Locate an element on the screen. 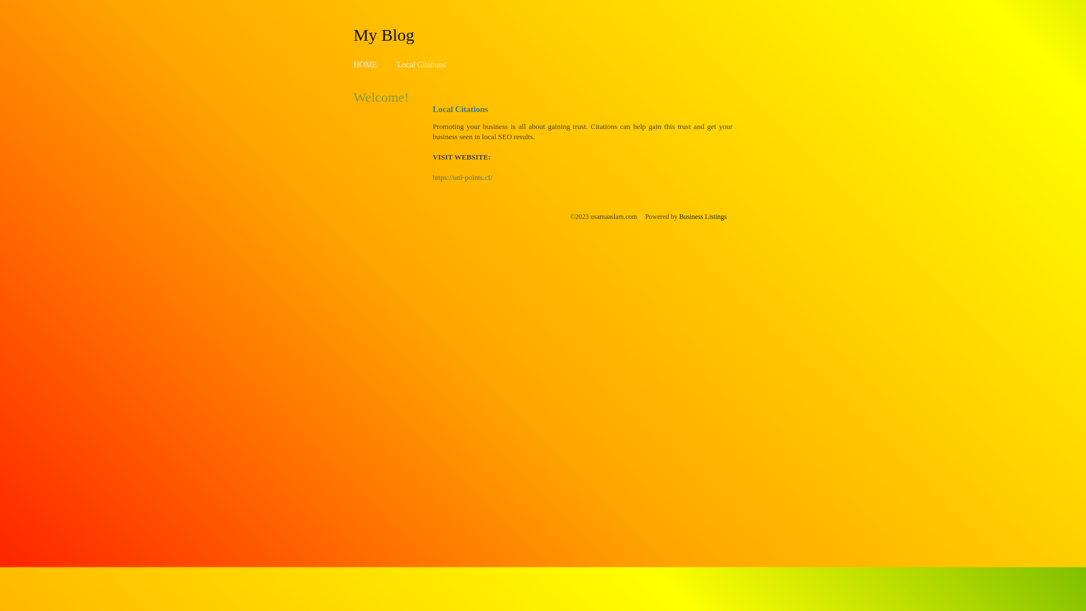 This screenshot has height=611, width=1086. 'Local Citations' is located at coordinates (420, 64).